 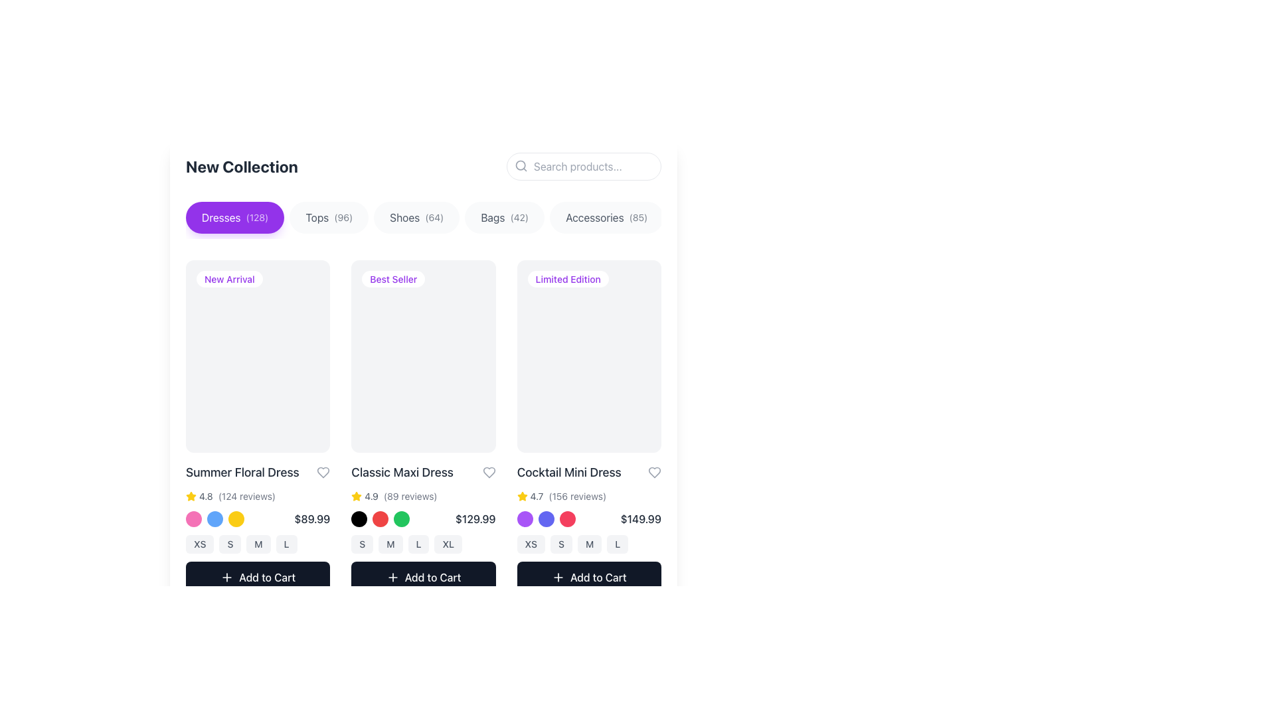 What do you see at coordinates (402, 471) in the screenshot?
I see `text label displaying 'Classic Maxi Dress' which is styled in medium-weight sans-serif font and located in the middle column of a product card layout` at bounding box center [402, 471].